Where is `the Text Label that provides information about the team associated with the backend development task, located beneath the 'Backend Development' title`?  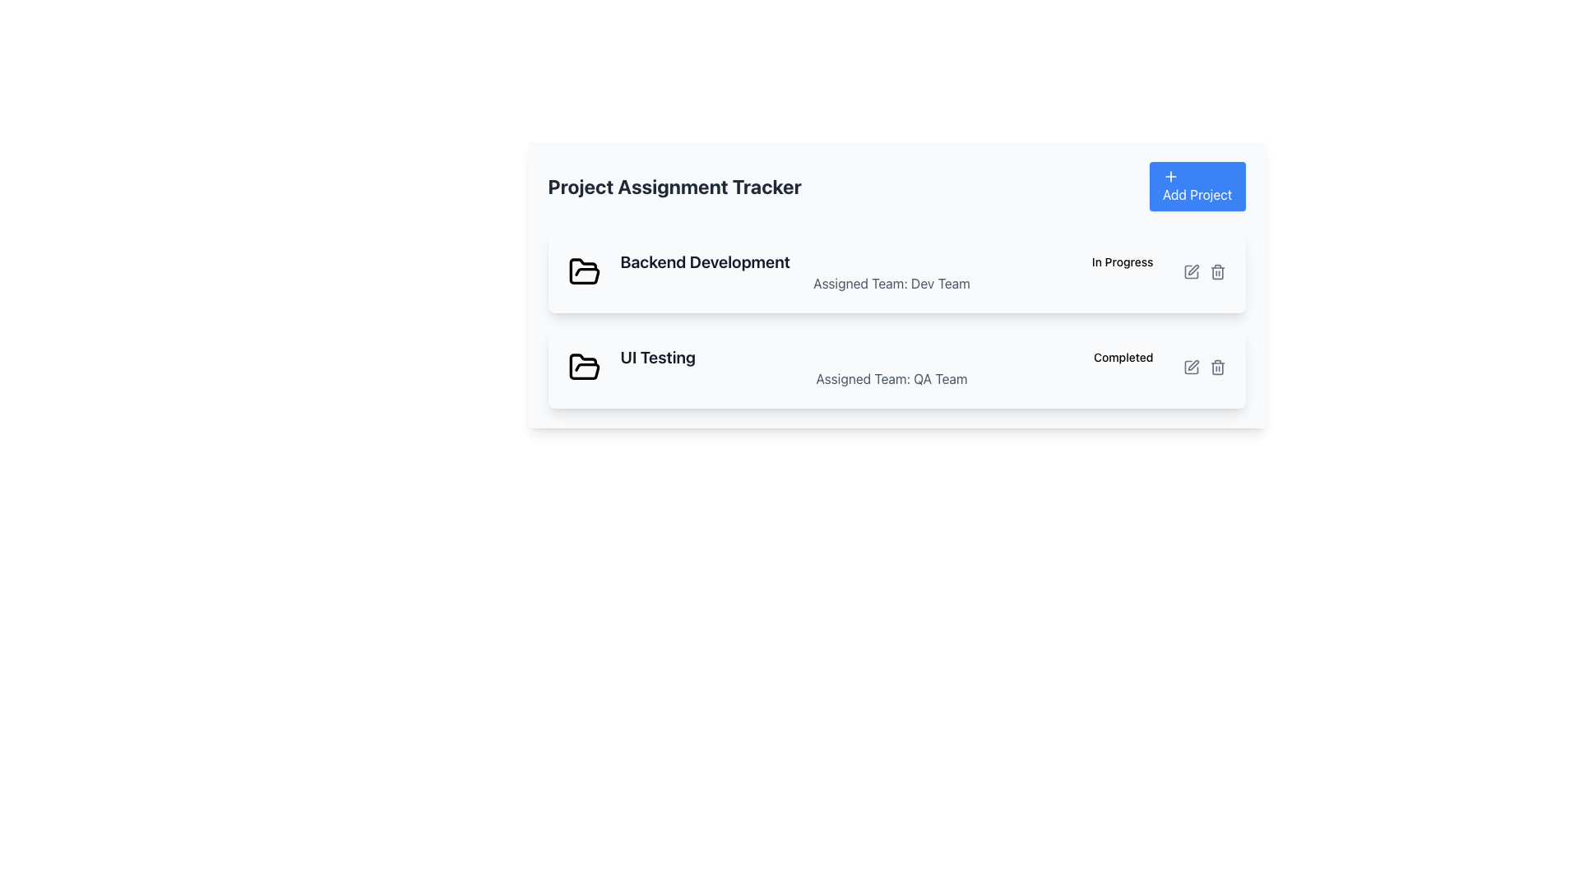
the Text Label that provides information about the team associated with the backend development task, located beneath the 'Backend Development' title is located at coordinates (891, 282).